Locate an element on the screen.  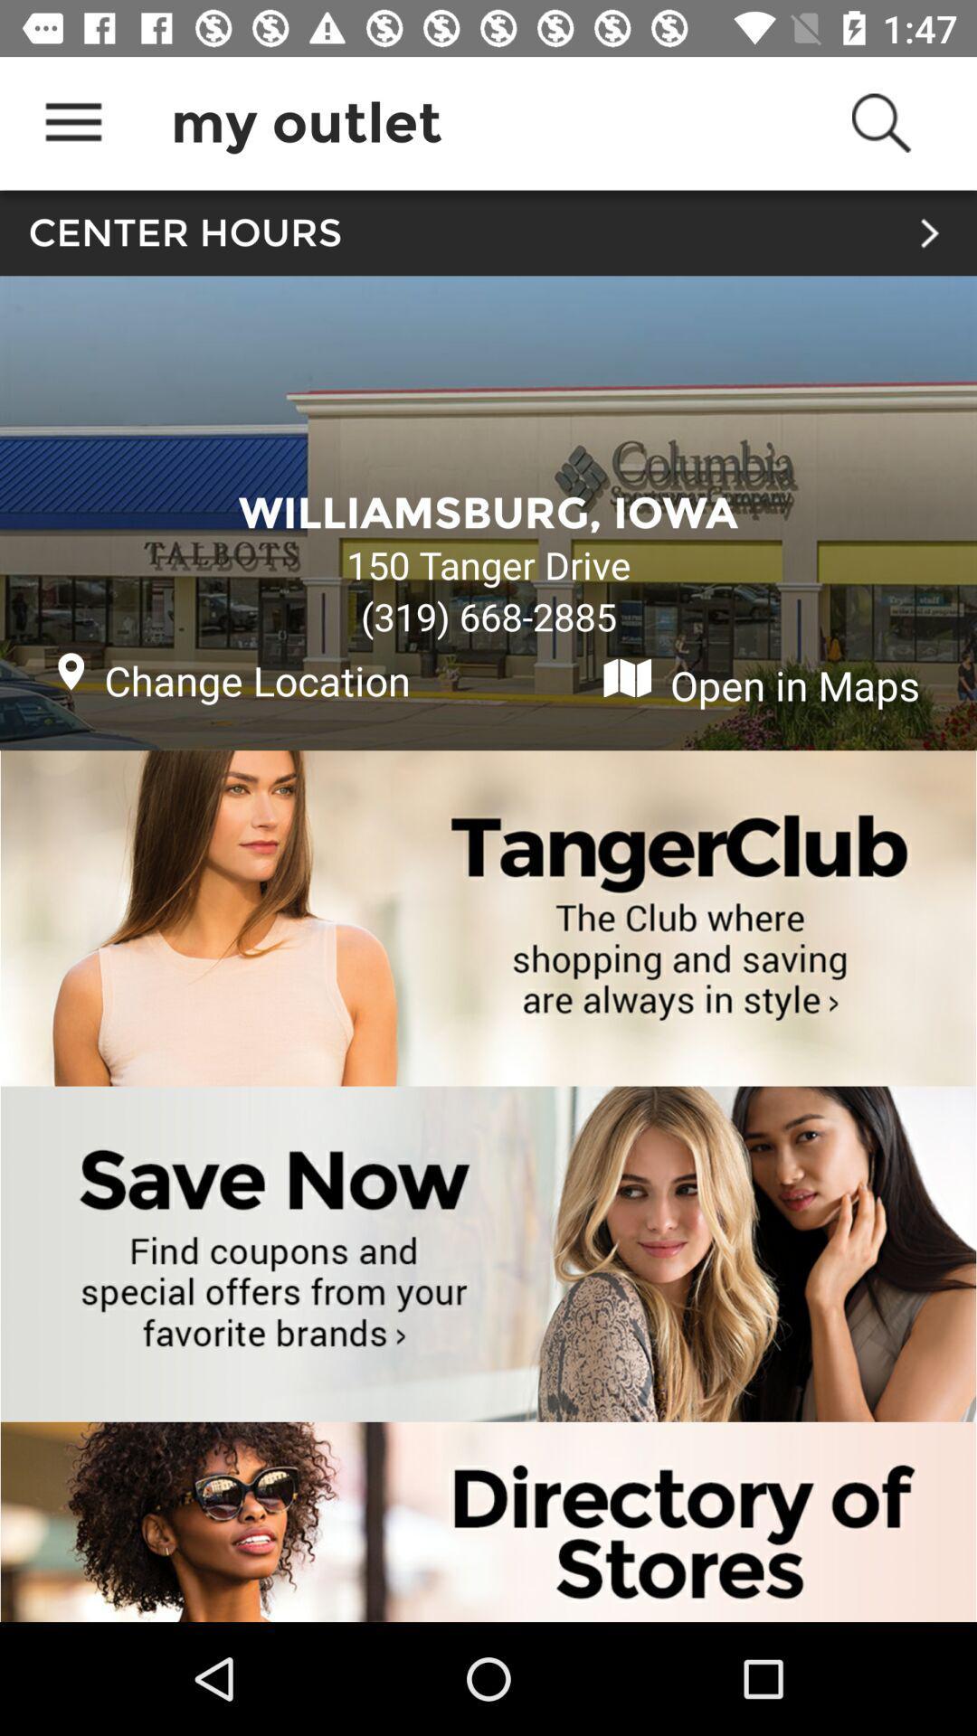
the icon above center hours is located at coordinates (72, 122).